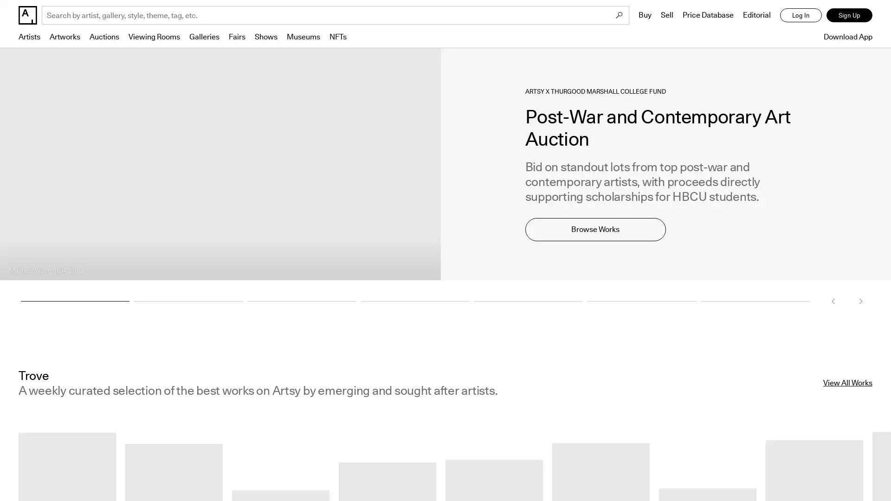 The height and width of the screenshot is (501, 891). I want to click on Accept All, so click(836, 470).